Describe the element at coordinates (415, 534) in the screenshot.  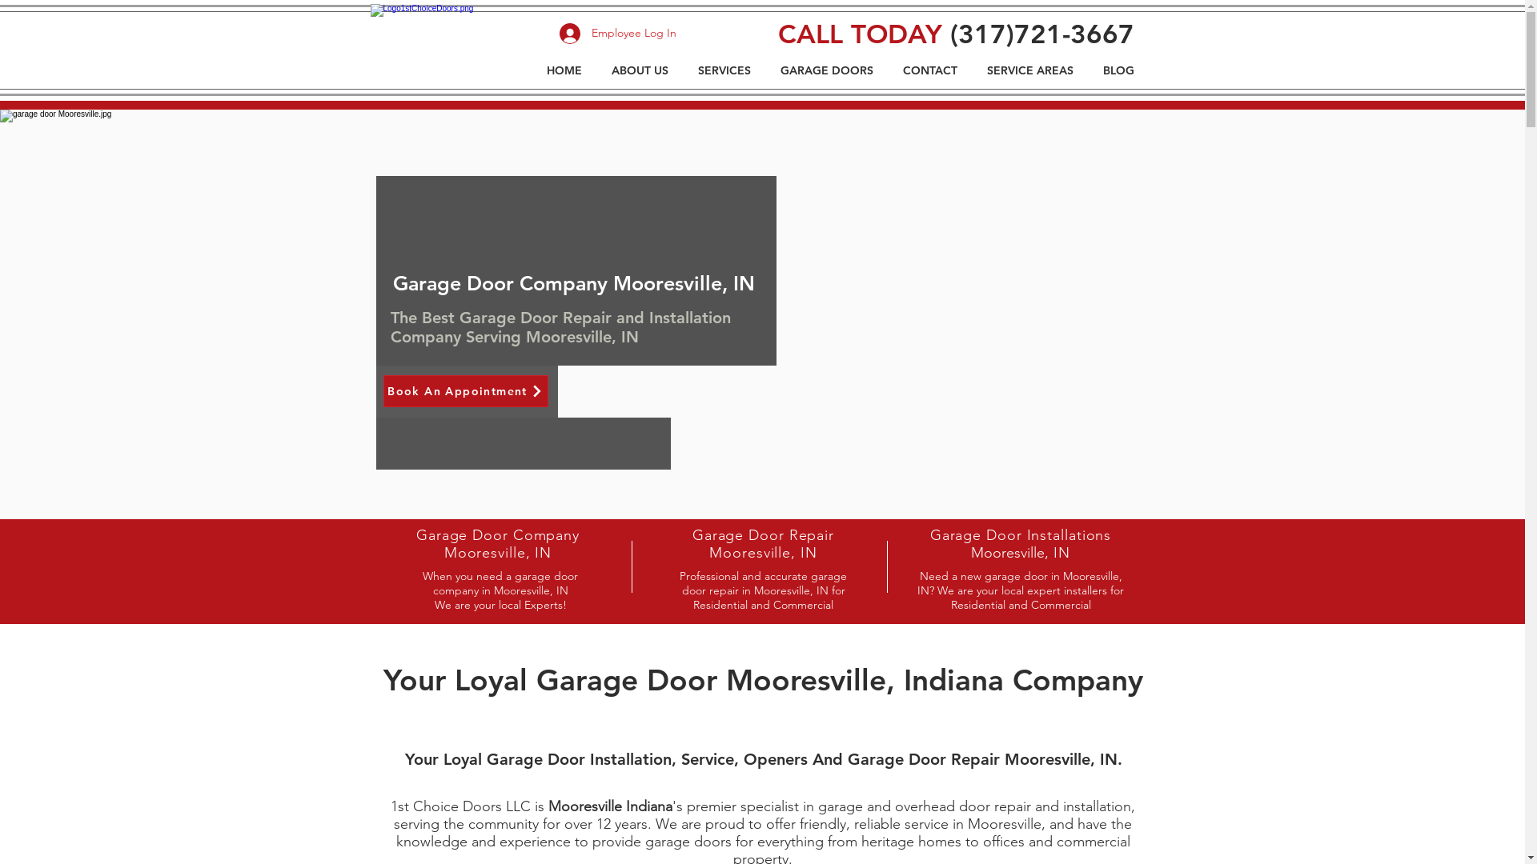
I see `'Garage Door Company'` at that location.